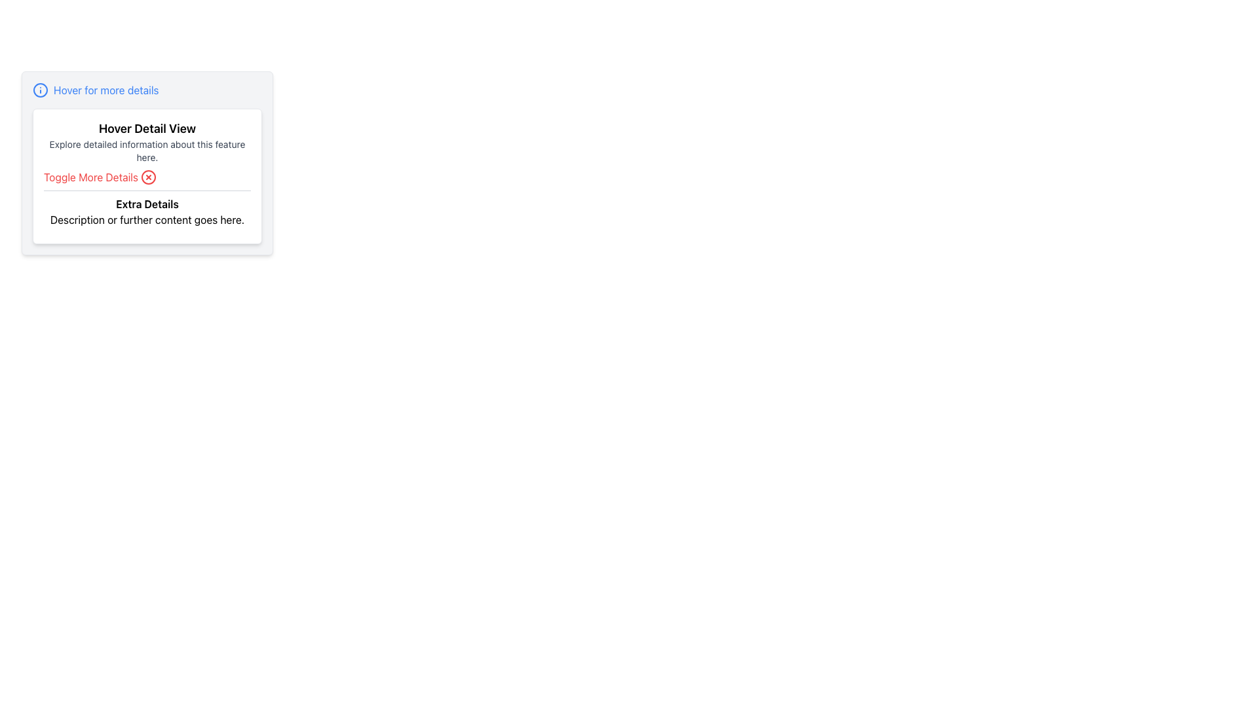 The image size is (1258, 707). What do you see at coordinates (147, 128) in the screenshot?
I see `text from the bold heading labeled 'Hover Detail View' positioned at the top of the rounded box` at bounding box center [147, 128].